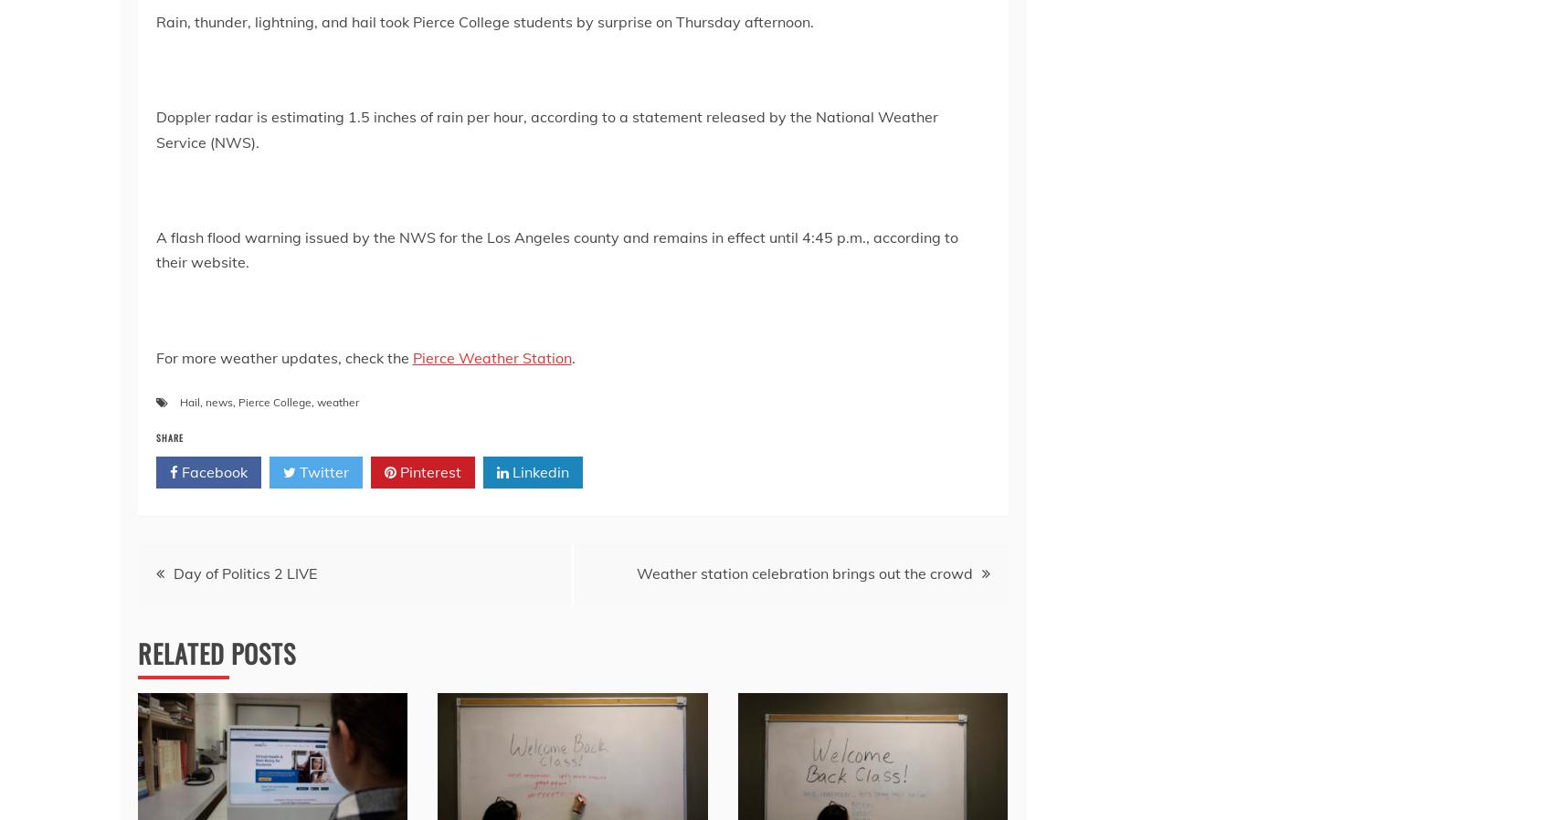  Describe the element at coordinates (188, 401) in the screenshot. I see `'Hail'` at that location.